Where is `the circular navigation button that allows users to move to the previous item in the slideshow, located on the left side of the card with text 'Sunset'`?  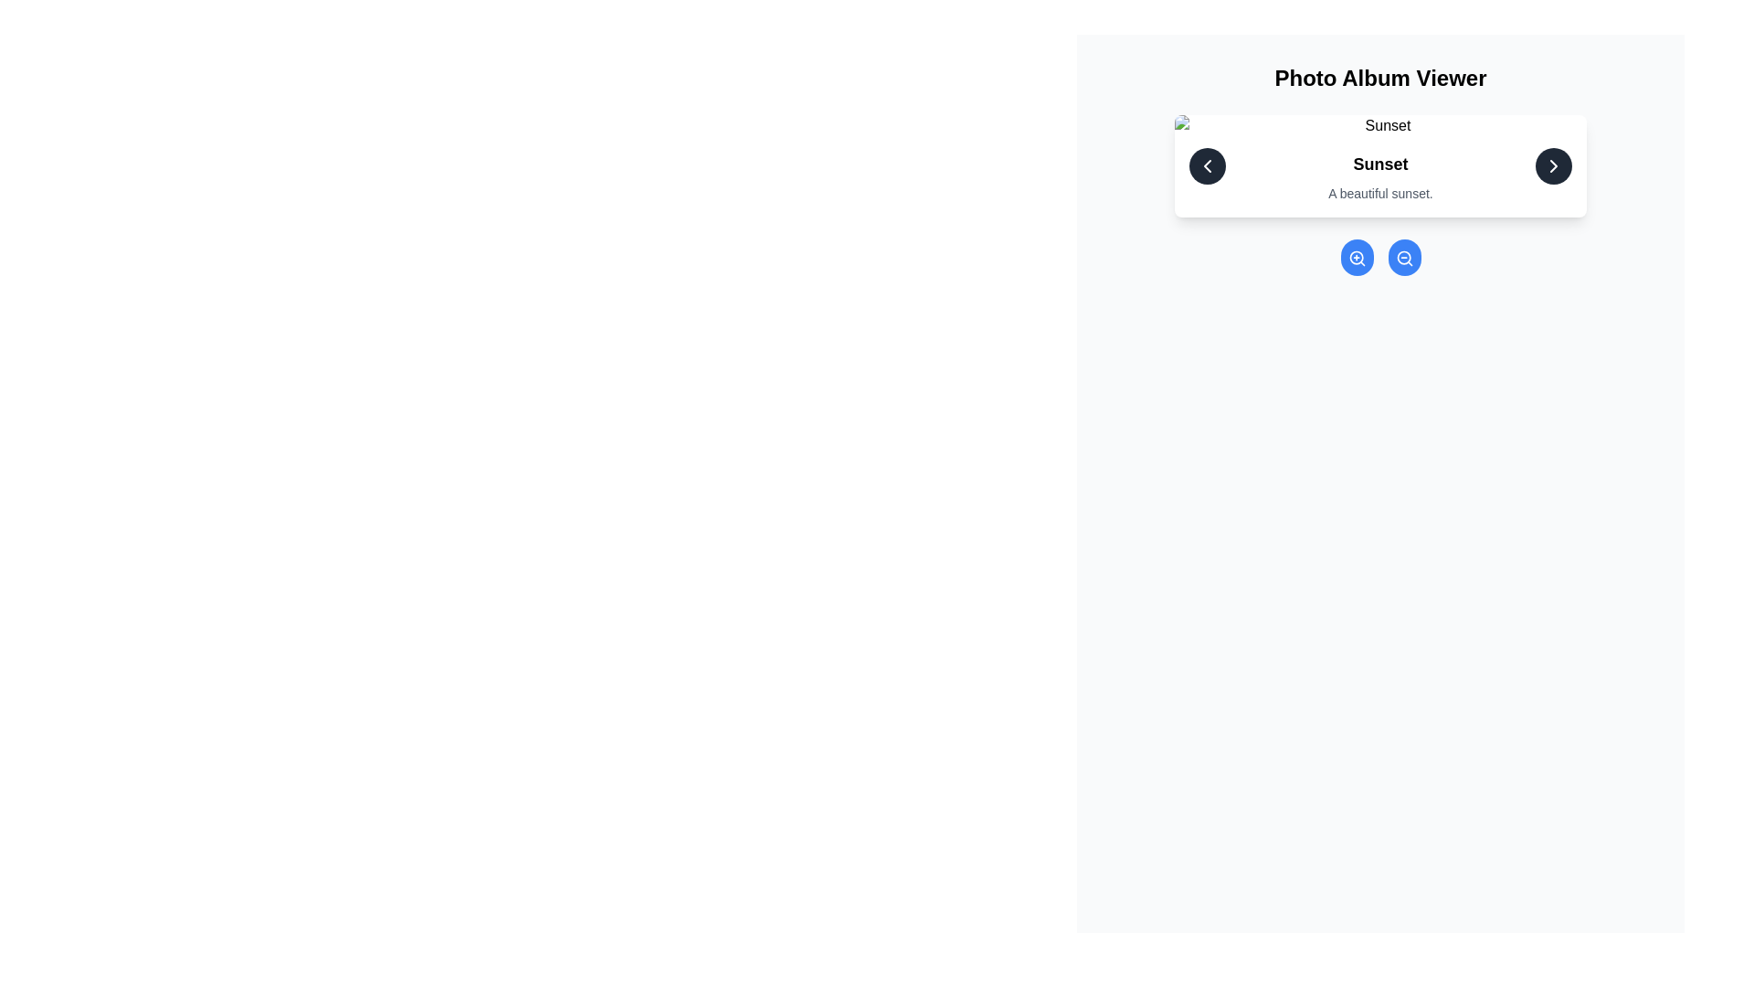
the circular navigation button that allows users to move to the previous item in the slideshow, located on the left side of the card with text 'Sunset' is located at coordinates (1208, 165).